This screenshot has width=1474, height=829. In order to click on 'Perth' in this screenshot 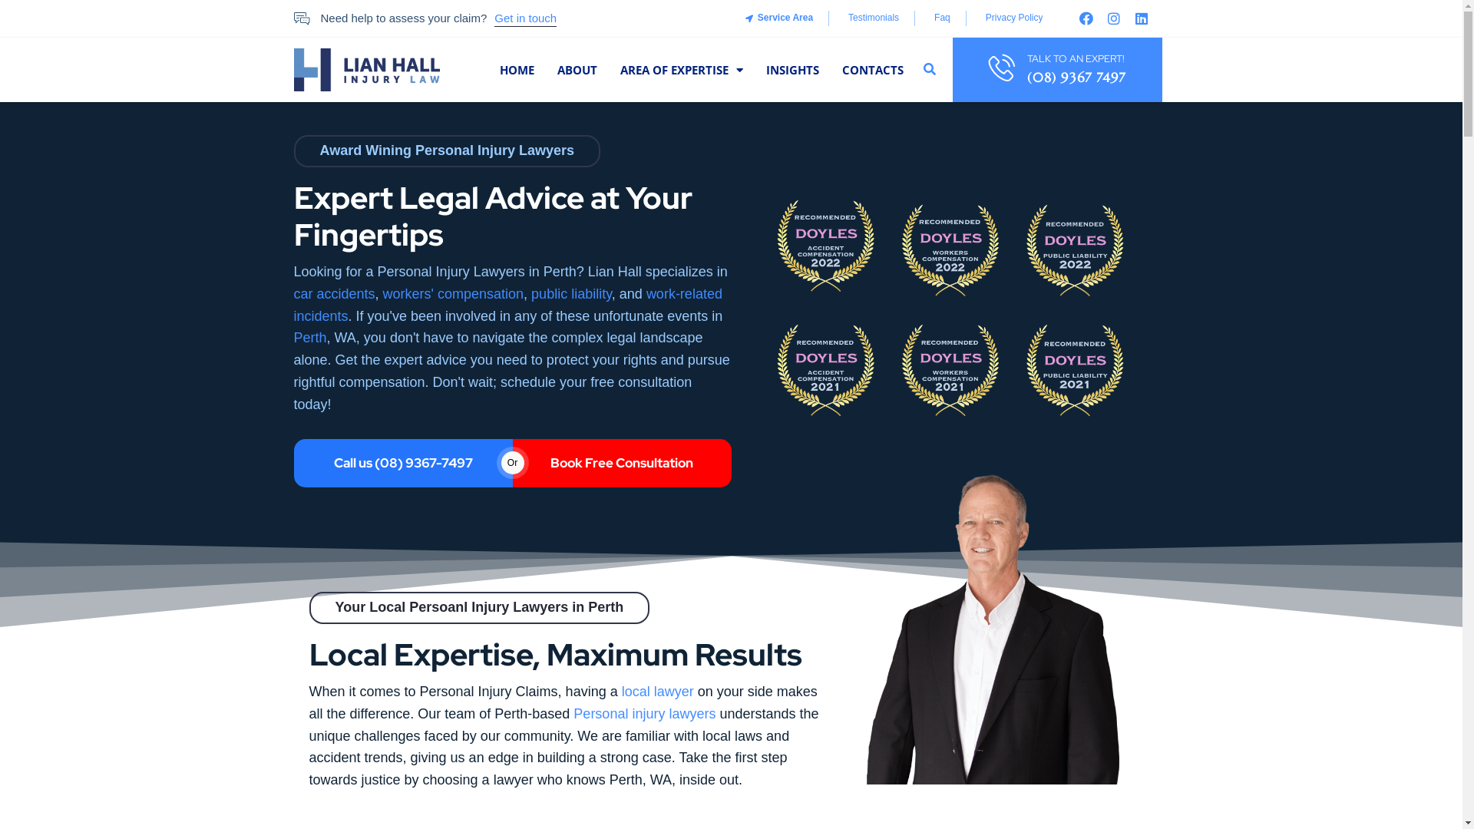, I will do `click(309, 336)`.